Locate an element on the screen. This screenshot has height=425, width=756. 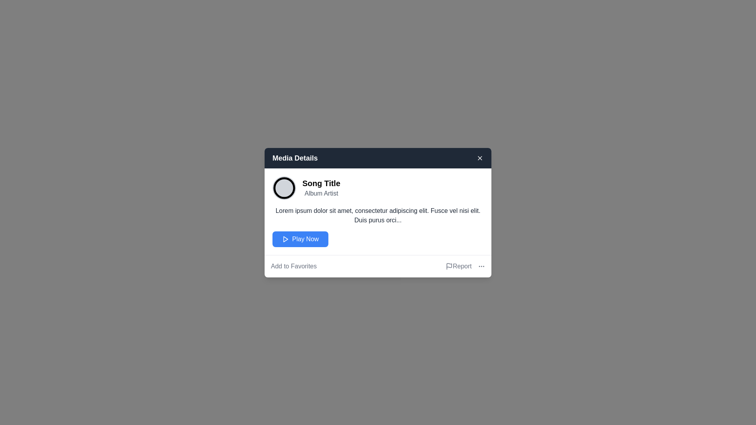
the title and subtitle text component of the media item located in the 'Media Details' modal dialog is located at coordinates (321, 188).